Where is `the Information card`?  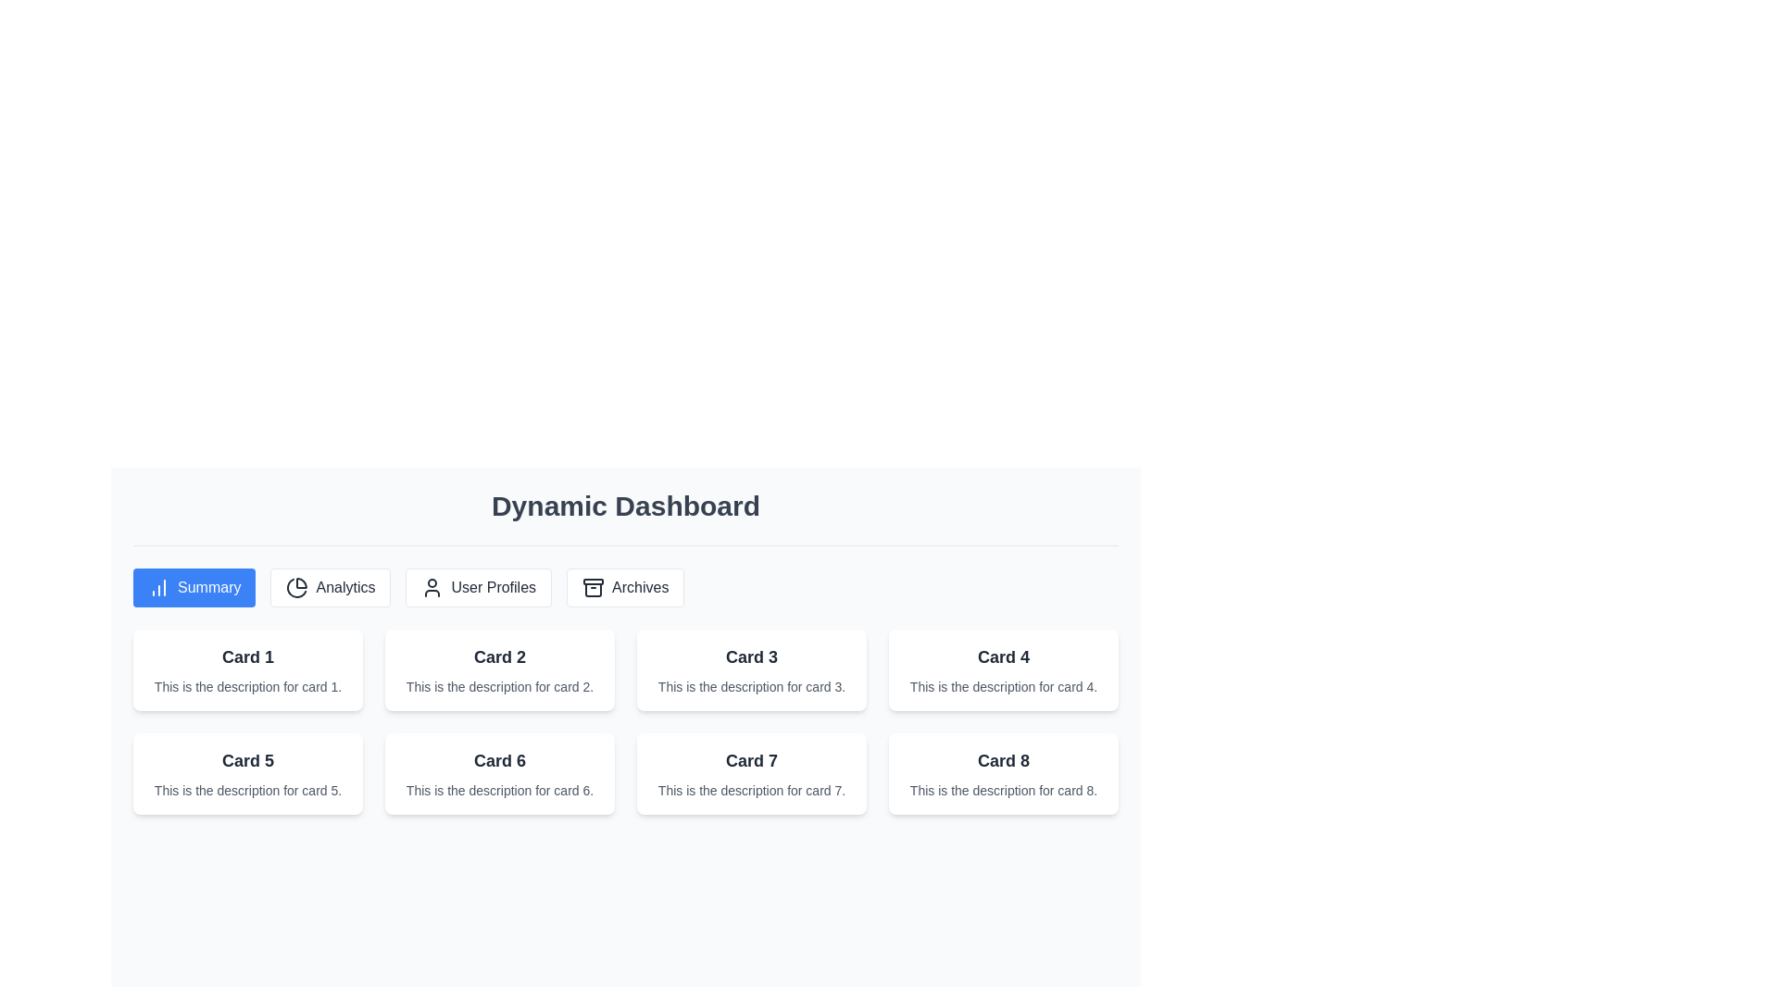
the Information card is located at coordinates (499, 670).